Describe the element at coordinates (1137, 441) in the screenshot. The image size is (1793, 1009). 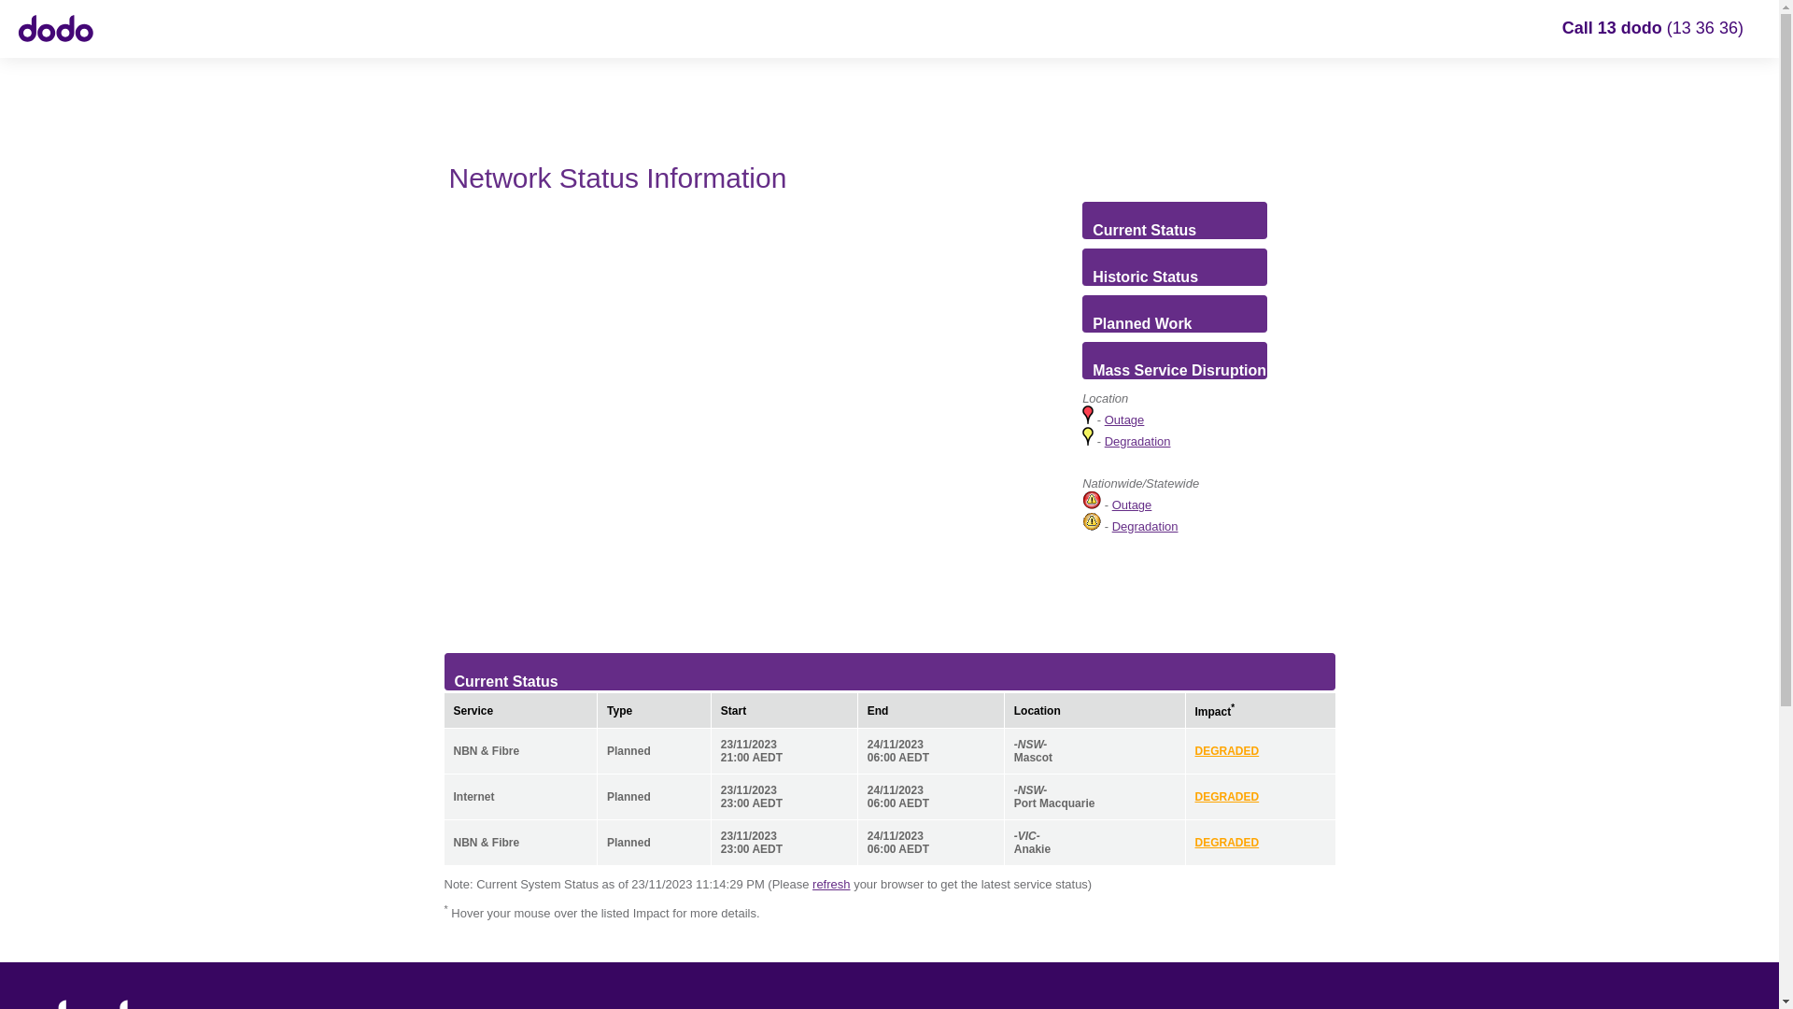
I see `'Degradation'` at that location.